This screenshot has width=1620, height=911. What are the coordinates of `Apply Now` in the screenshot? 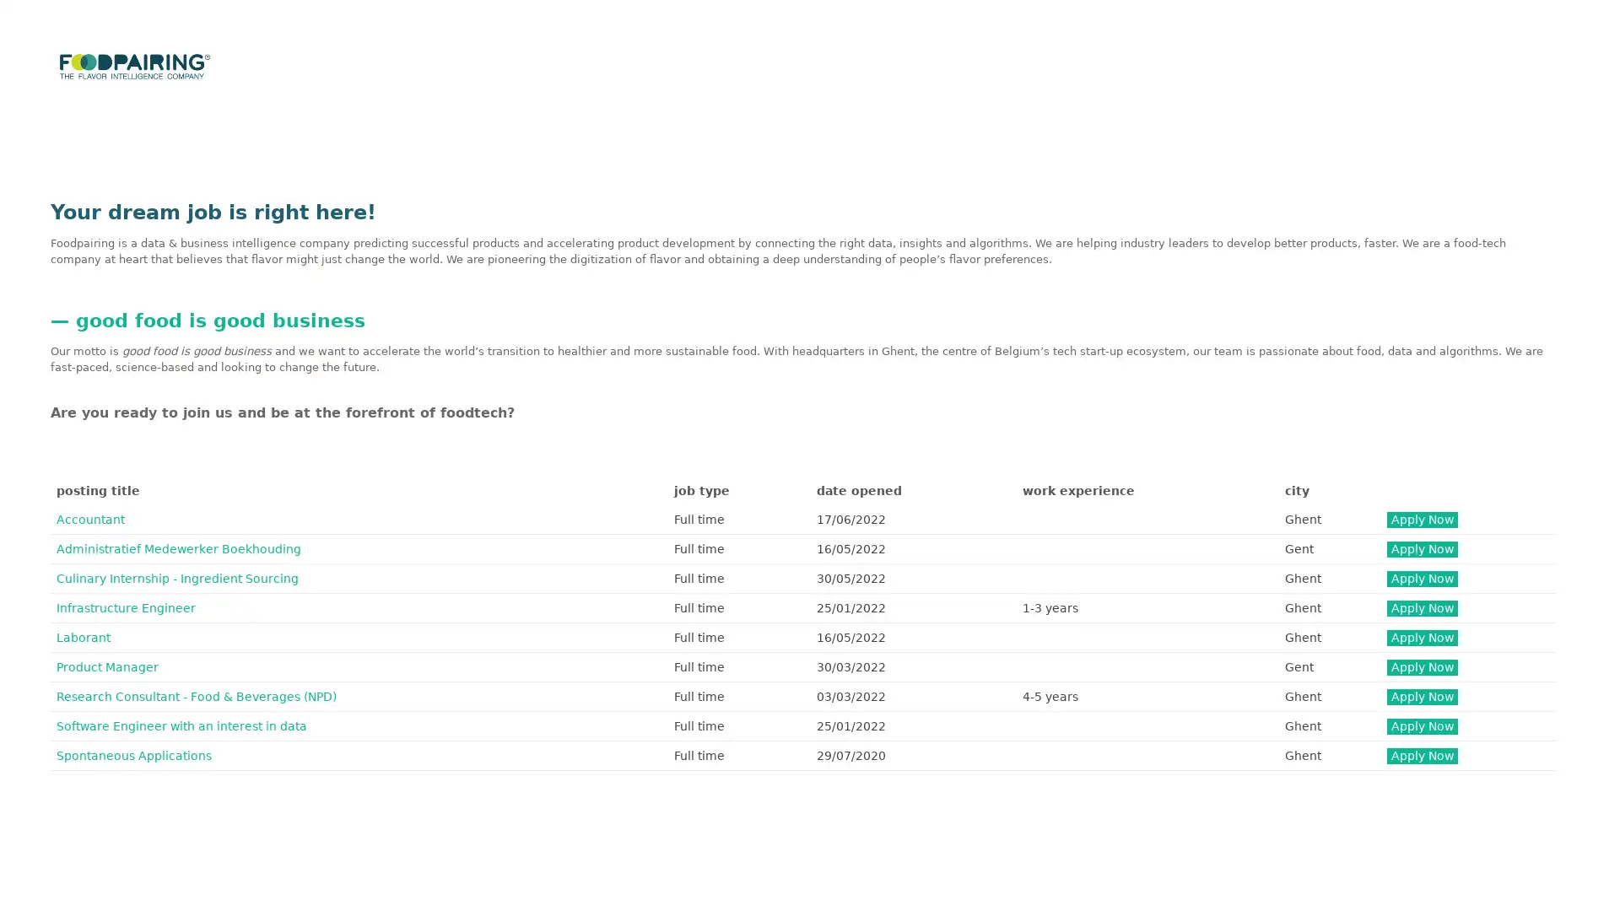 It's located at (1420, 548).